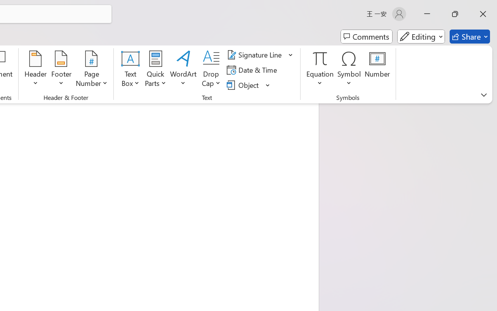  I want to click on 'Minimize', so click(427, 14).